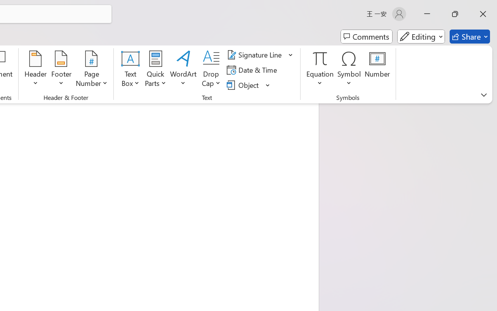  I want to click on 'Minimize', so click(427, 14).